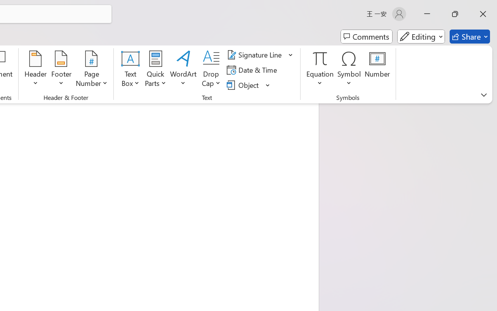  I want to click on 'Minimize', so click(427, 14).